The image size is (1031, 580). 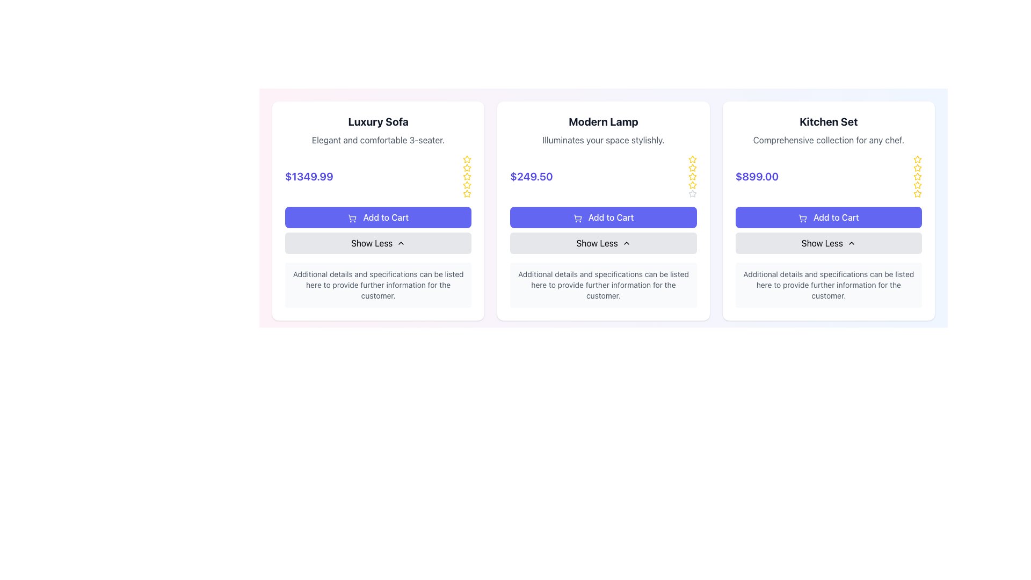 I want to click on brief description text block located in the upper section of the 'Kitchen Set' product card, which is positioned just below the title and above the pricing information, so click(x=828, y=140).